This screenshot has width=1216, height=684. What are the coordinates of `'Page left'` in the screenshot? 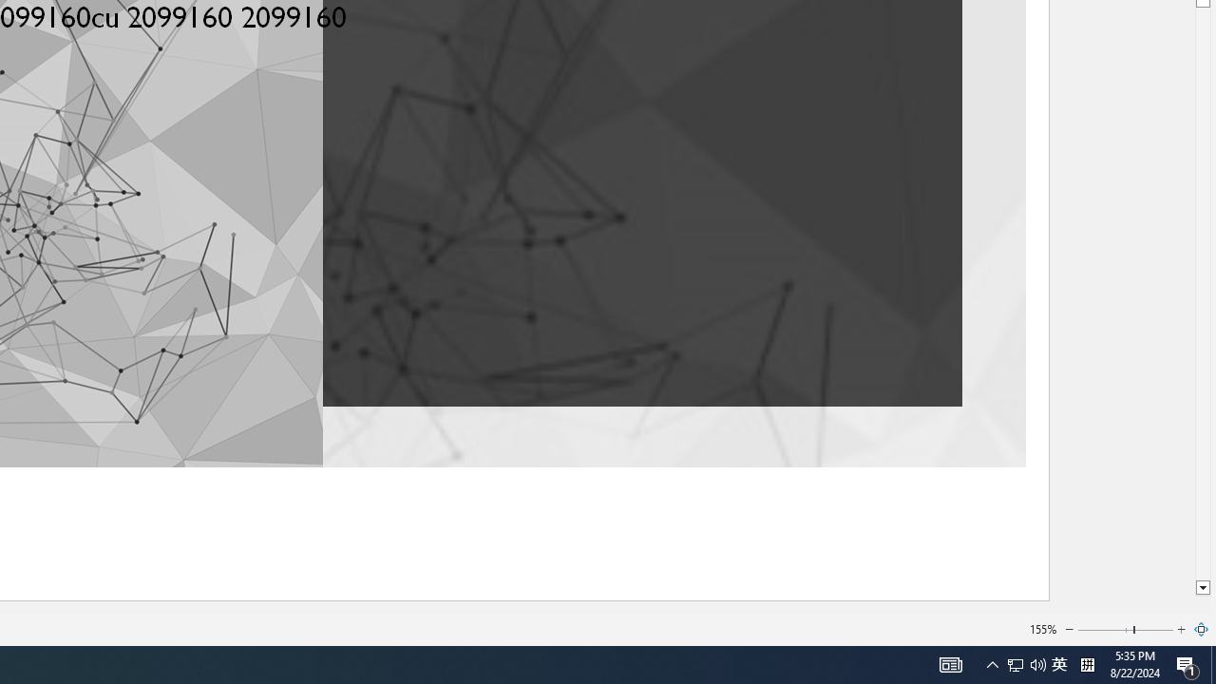 It's located at (1105, 630).